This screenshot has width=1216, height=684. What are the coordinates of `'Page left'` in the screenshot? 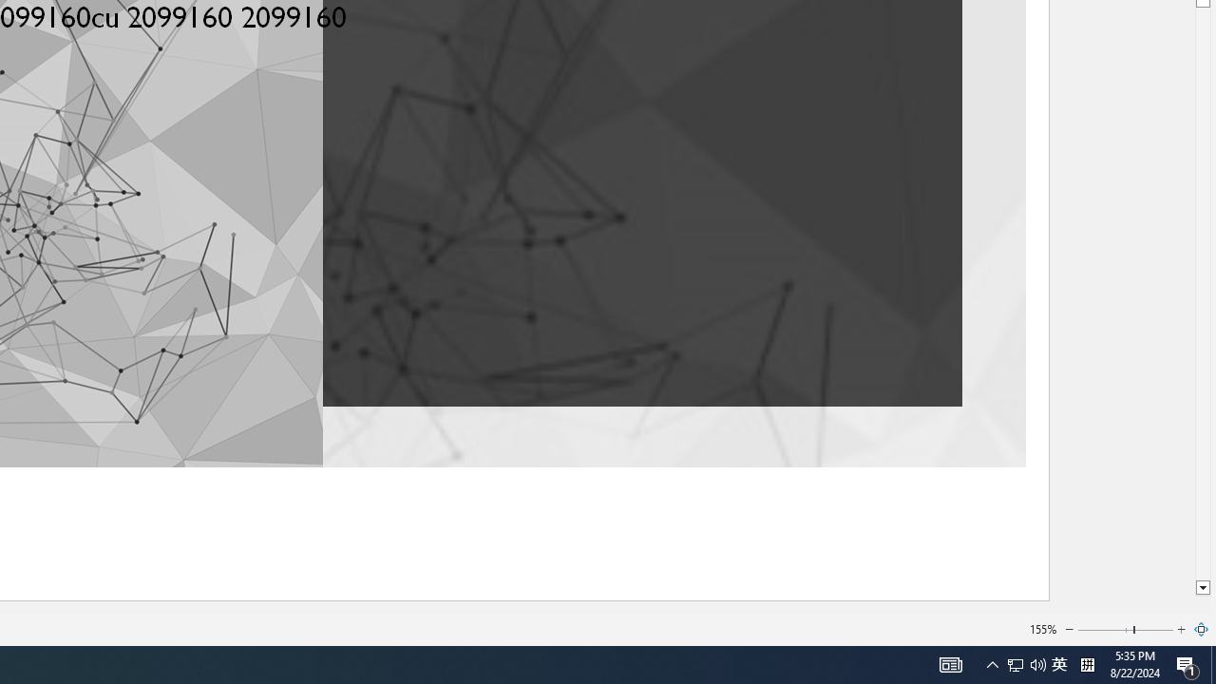 It's located at (1105, 630).